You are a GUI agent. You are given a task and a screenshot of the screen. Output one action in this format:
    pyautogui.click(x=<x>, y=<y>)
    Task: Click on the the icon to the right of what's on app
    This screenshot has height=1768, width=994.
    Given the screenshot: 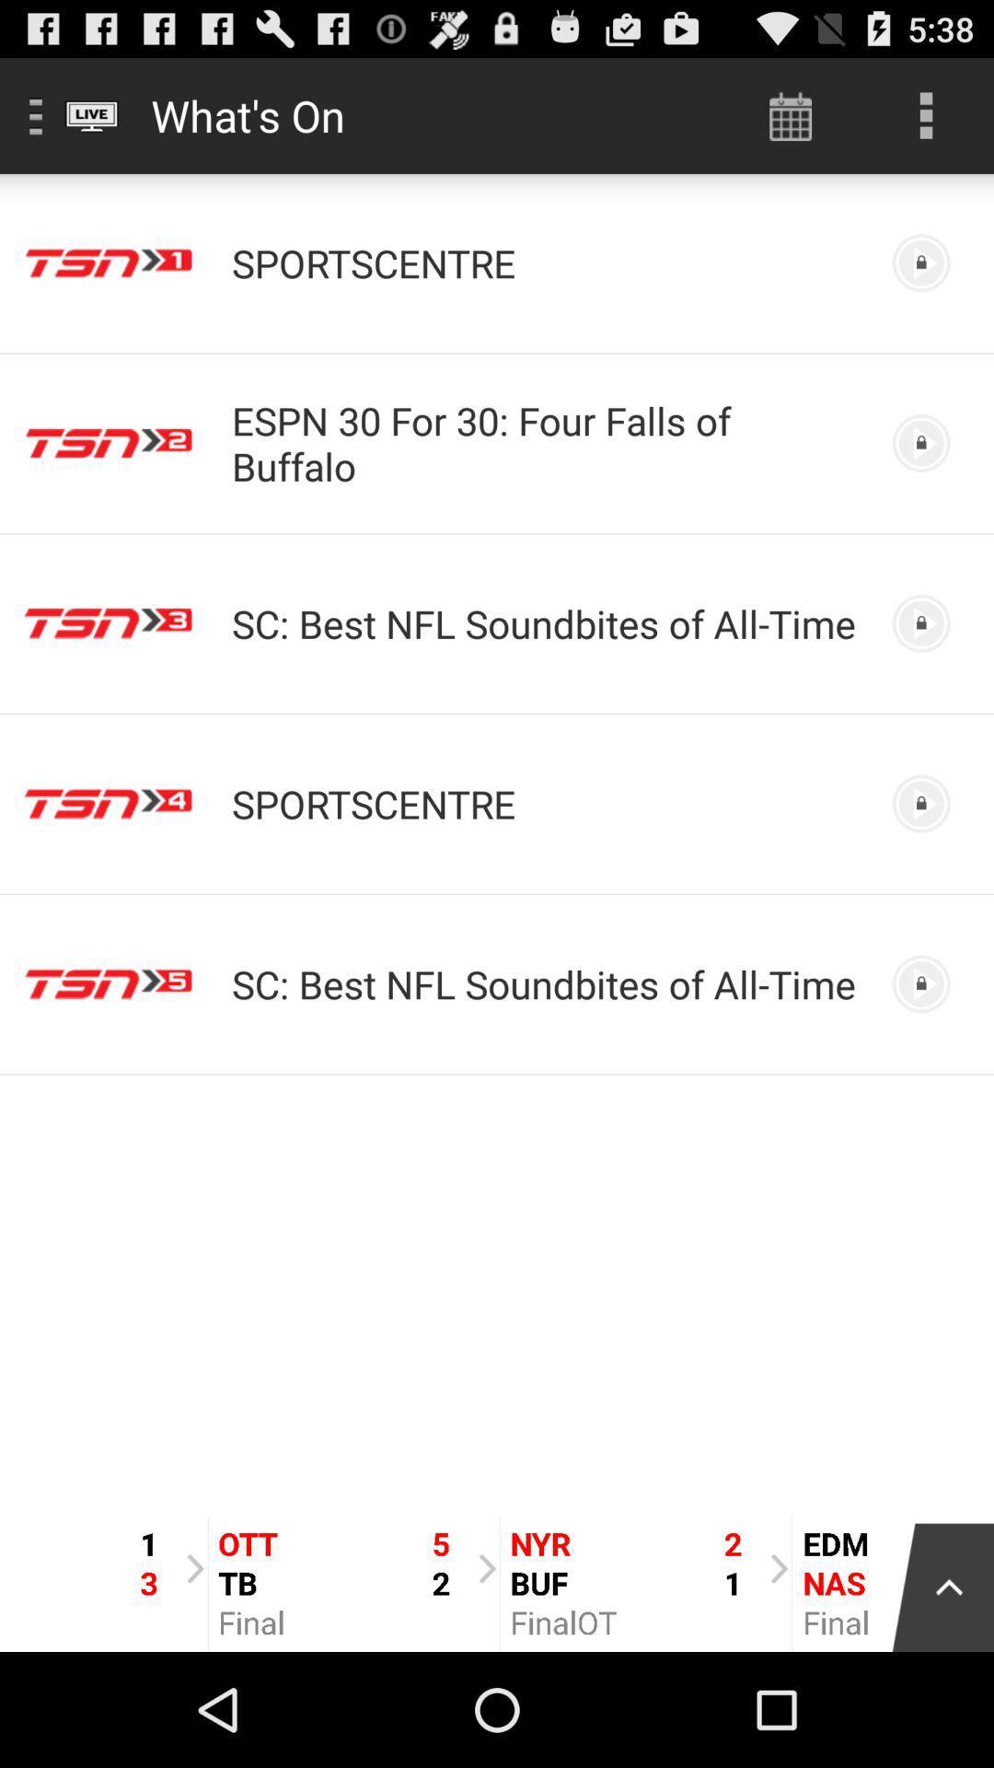 What is the action you would take?
    pyautogui.click(x=790, y=114)
    